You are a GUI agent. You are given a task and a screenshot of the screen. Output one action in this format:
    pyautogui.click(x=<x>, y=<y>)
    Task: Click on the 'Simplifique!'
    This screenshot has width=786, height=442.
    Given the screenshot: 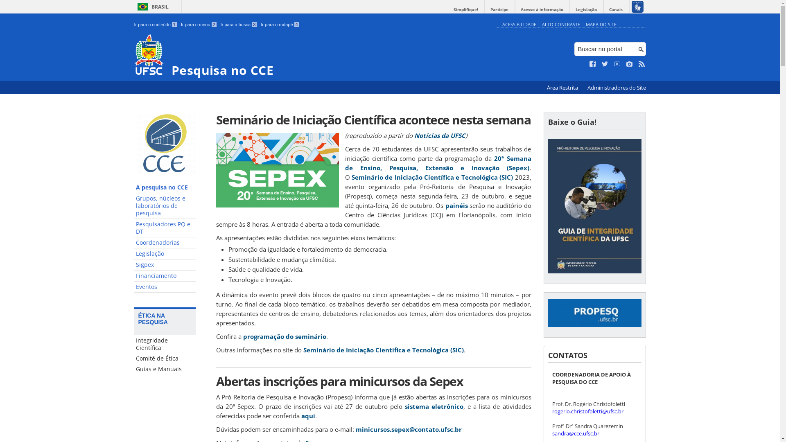 What is the action you would take?
    pyautogui.click(x=465, y=9)
    